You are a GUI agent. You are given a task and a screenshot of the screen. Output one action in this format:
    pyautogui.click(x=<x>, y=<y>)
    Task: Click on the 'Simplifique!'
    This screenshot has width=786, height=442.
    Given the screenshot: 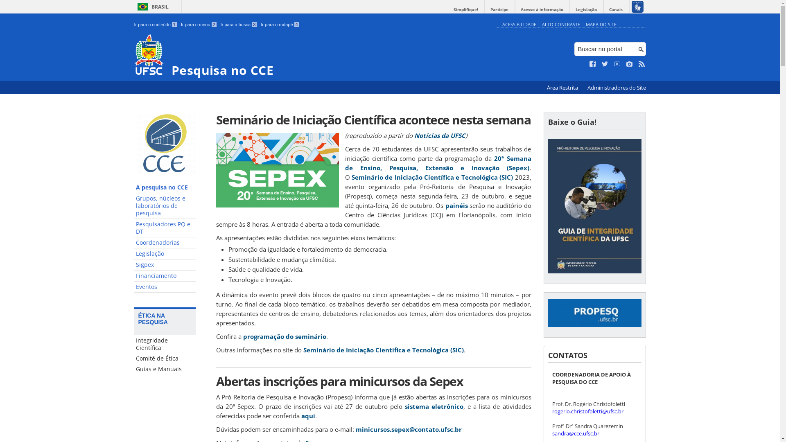 What is the action you would take?
    pyautogui.click(x=465, y=9)
    